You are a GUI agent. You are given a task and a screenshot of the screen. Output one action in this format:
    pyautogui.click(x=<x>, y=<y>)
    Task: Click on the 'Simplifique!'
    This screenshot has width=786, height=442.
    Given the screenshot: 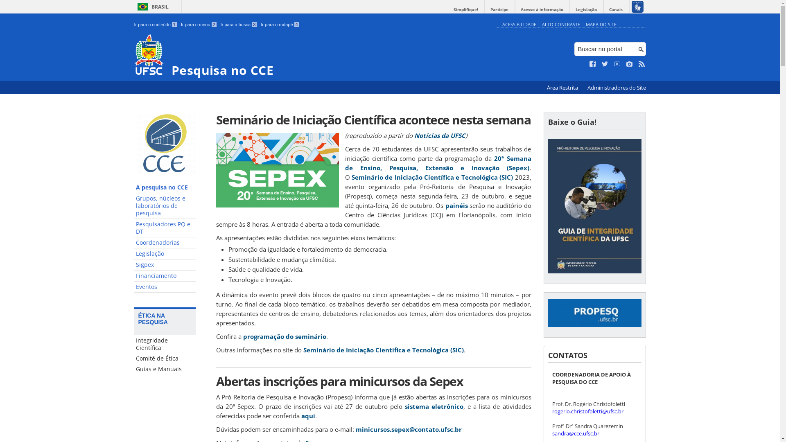 What is the action you would take?
    pyautogui.click(x=465, y=9)
    